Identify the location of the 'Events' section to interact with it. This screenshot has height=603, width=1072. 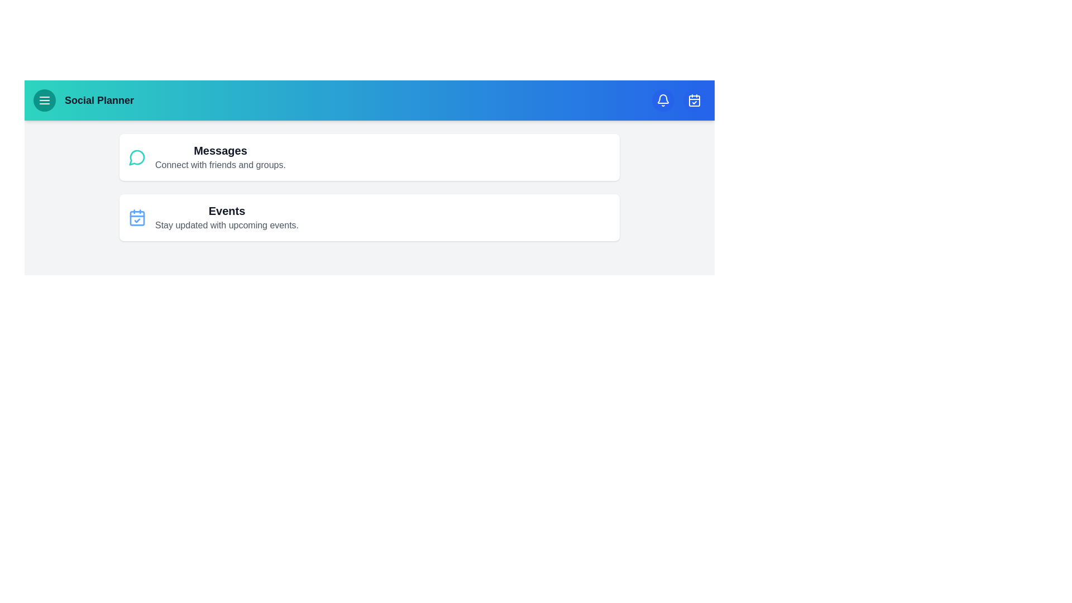
(226, 217).